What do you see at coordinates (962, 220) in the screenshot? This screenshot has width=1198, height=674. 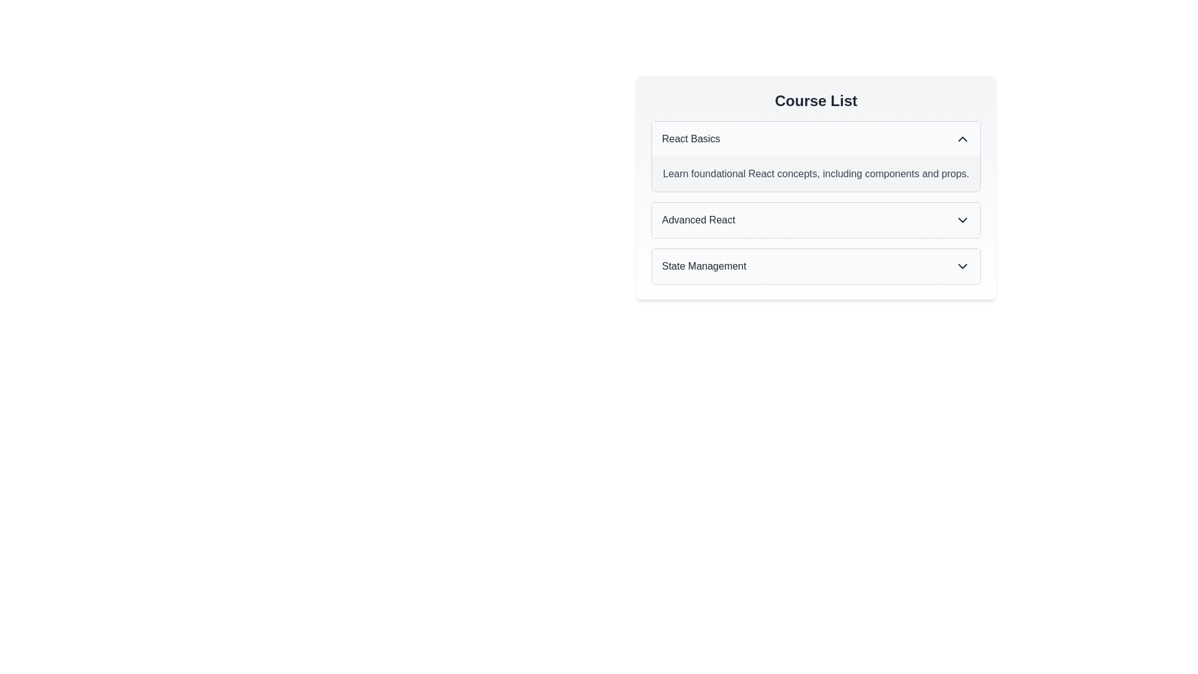 I see `the downward-pointing chevron SVG icon located in the 'Advanced React' section header to highlight it` at bounding box center [962, 220].